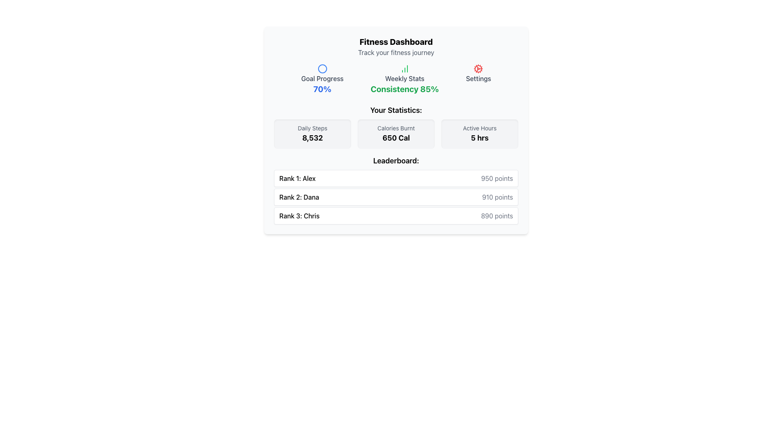 The height and width of the screenshot is (440, 783). What do you see at coordinates (396, 128) in the screenshot?
I see `the Static Text Label that indicates the calories burned, located above the bold text '650 Cal' in the 'Calories Burnt' card` at bounding box center [396, 128].